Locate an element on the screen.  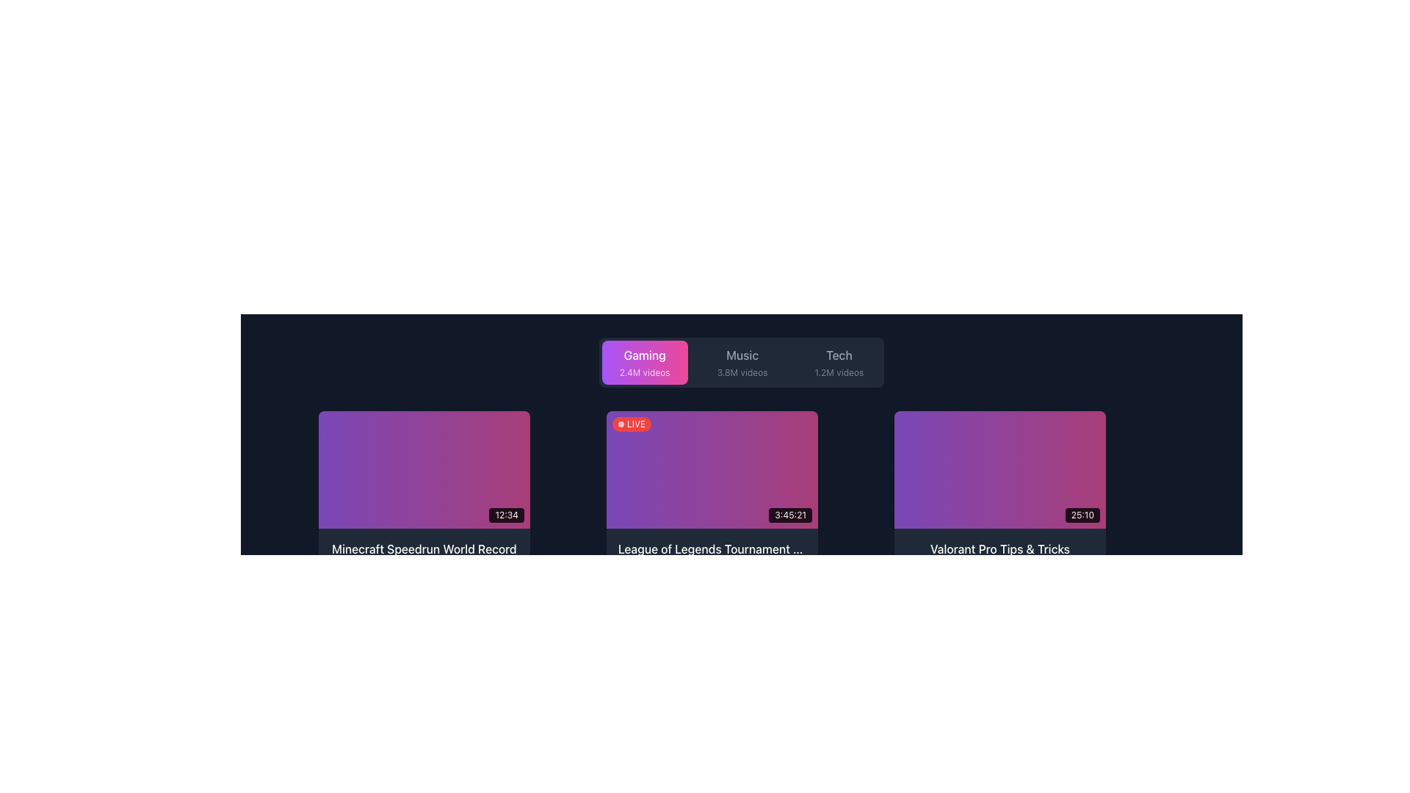
the second video thumbnail background element, which serves as a visual cue for ongoing content is located at coordinates (712, 470).